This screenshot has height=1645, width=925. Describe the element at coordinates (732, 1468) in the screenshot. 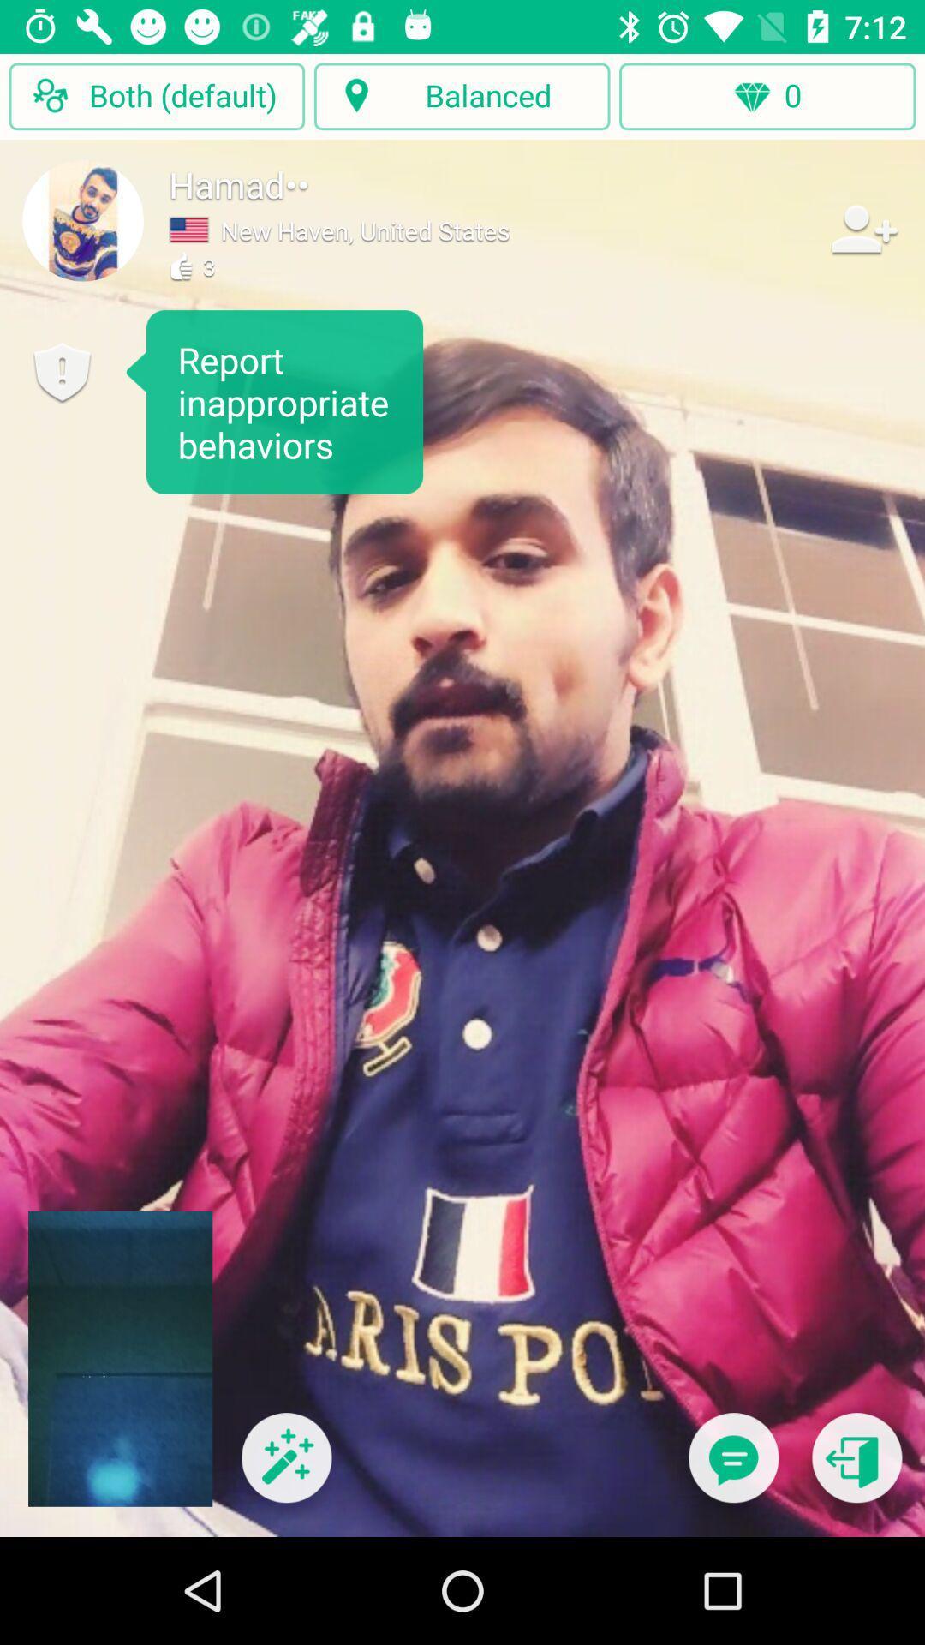

I see `the chat icon` at that location.